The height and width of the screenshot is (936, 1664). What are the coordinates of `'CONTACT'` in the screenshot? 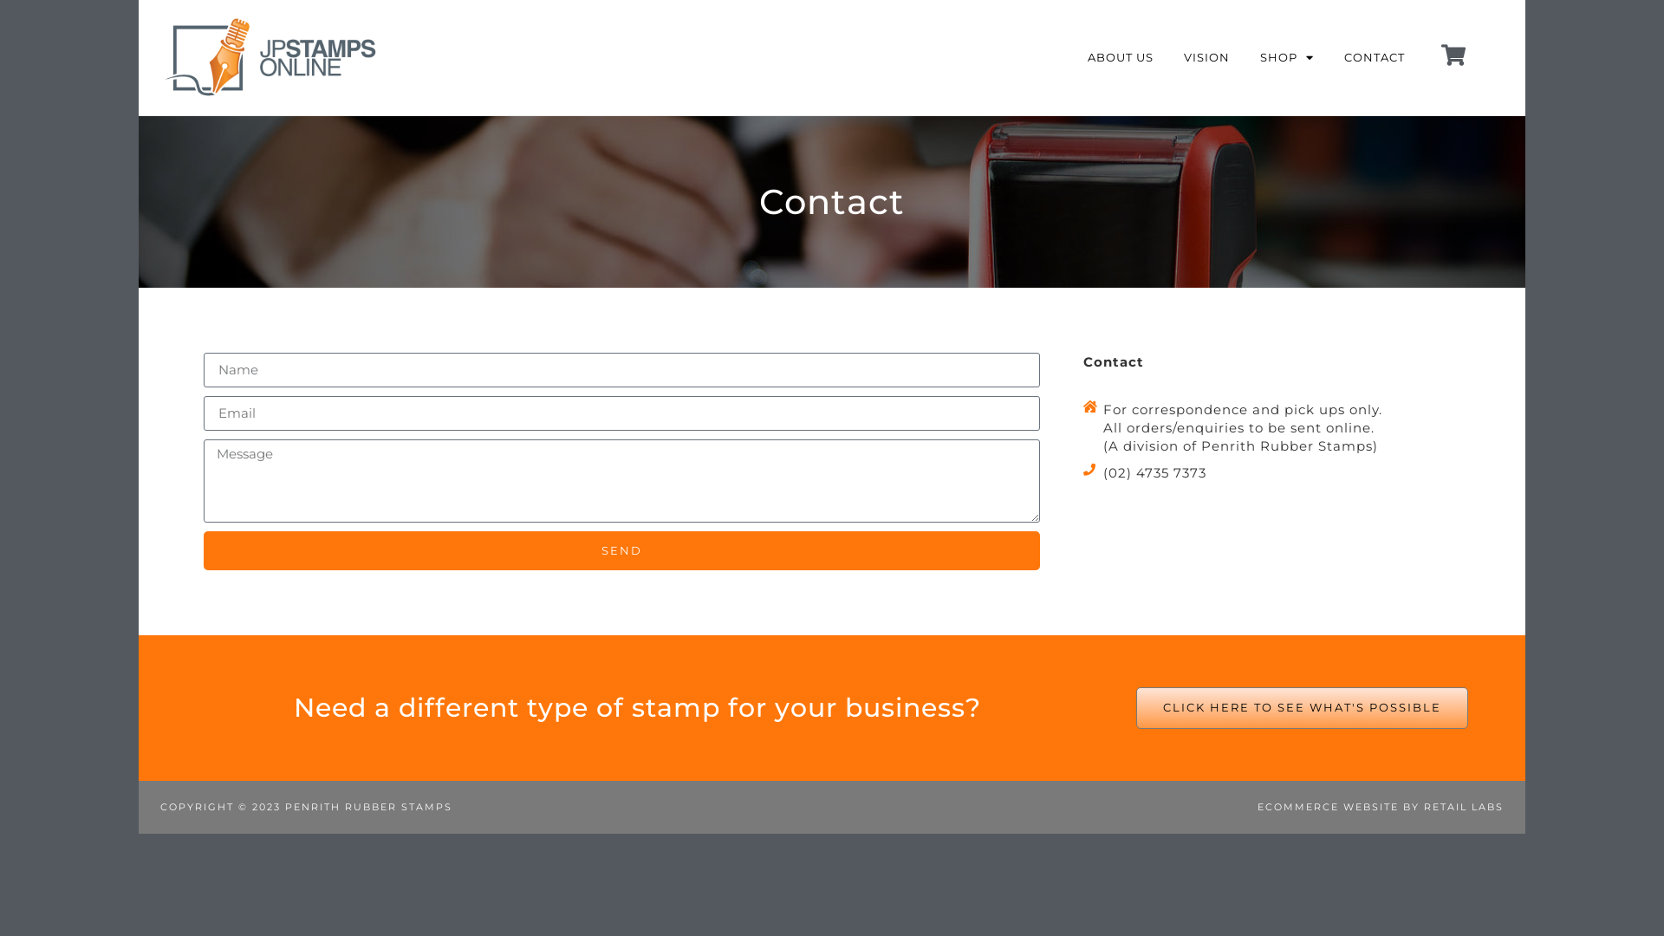 It's located at (1342, 55).